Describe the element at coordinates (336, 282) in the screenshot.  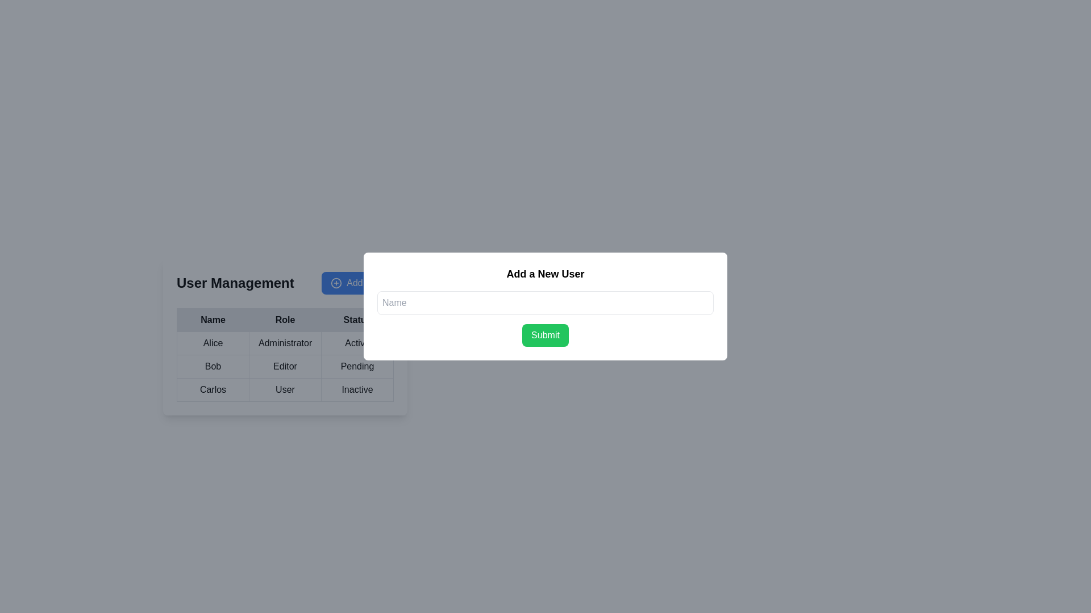
I see `the circular plus icon that represents the 'add' functionality in the User Management section of the interface` at that location.